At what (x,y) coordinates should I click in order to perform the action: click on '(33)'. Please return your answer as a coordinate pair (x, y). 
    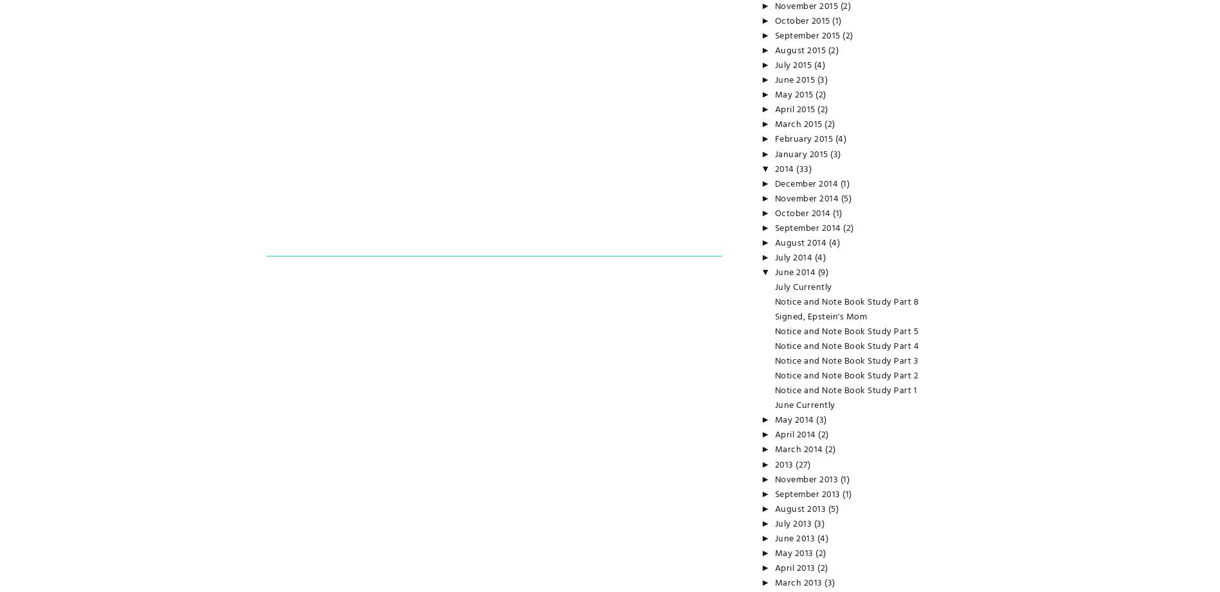
    Looking at the image, I should click on (803, 169).